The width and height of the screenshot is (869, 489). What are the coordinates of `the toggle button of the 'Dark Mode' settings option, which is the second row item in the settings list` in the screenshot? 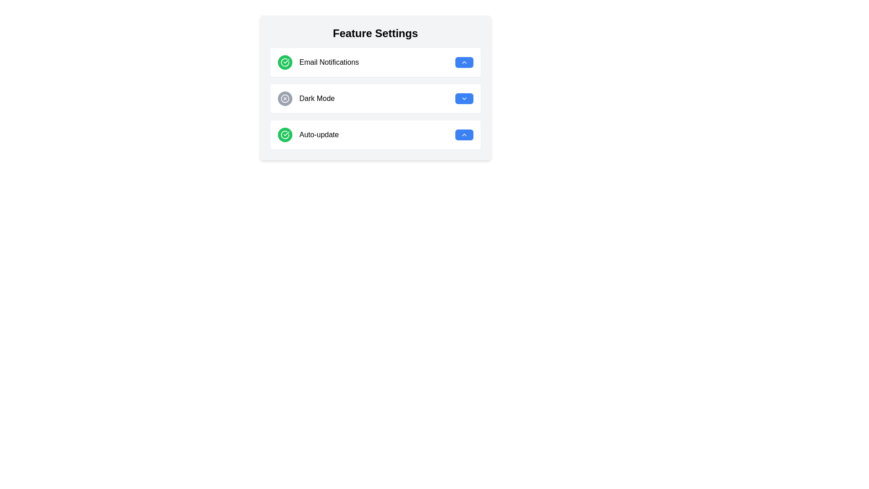 It's located at (375, 99).